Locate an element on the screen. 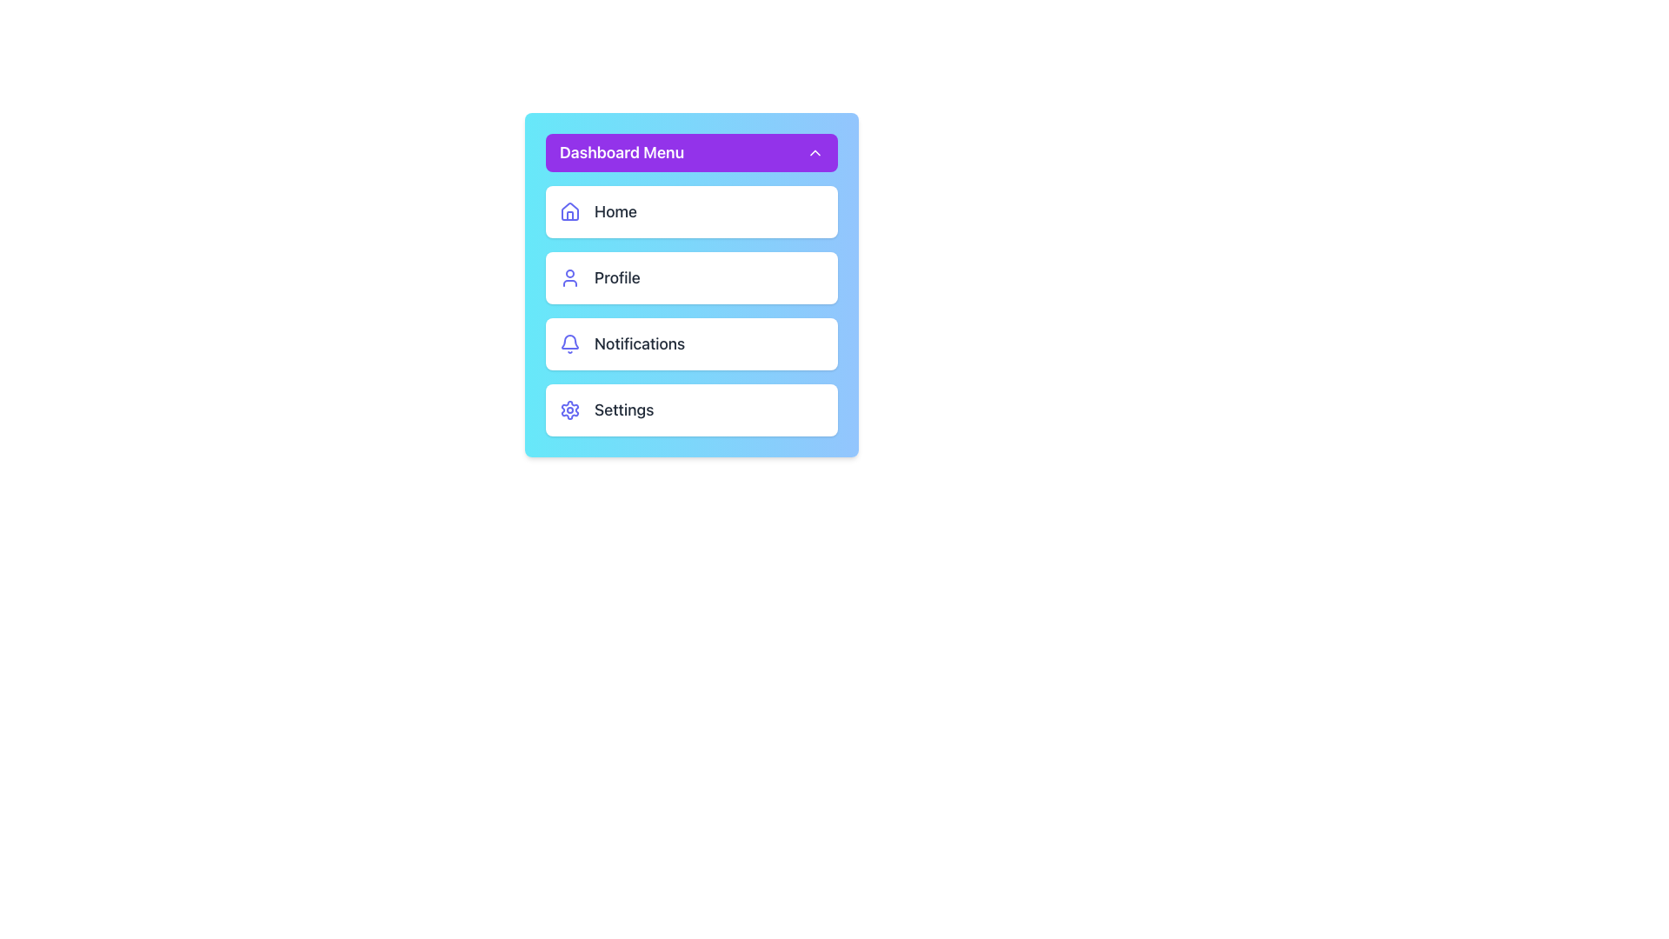  the Settings icon located to the left of the text label 'Settings' in the user interface is located at coordinates (570, 410).